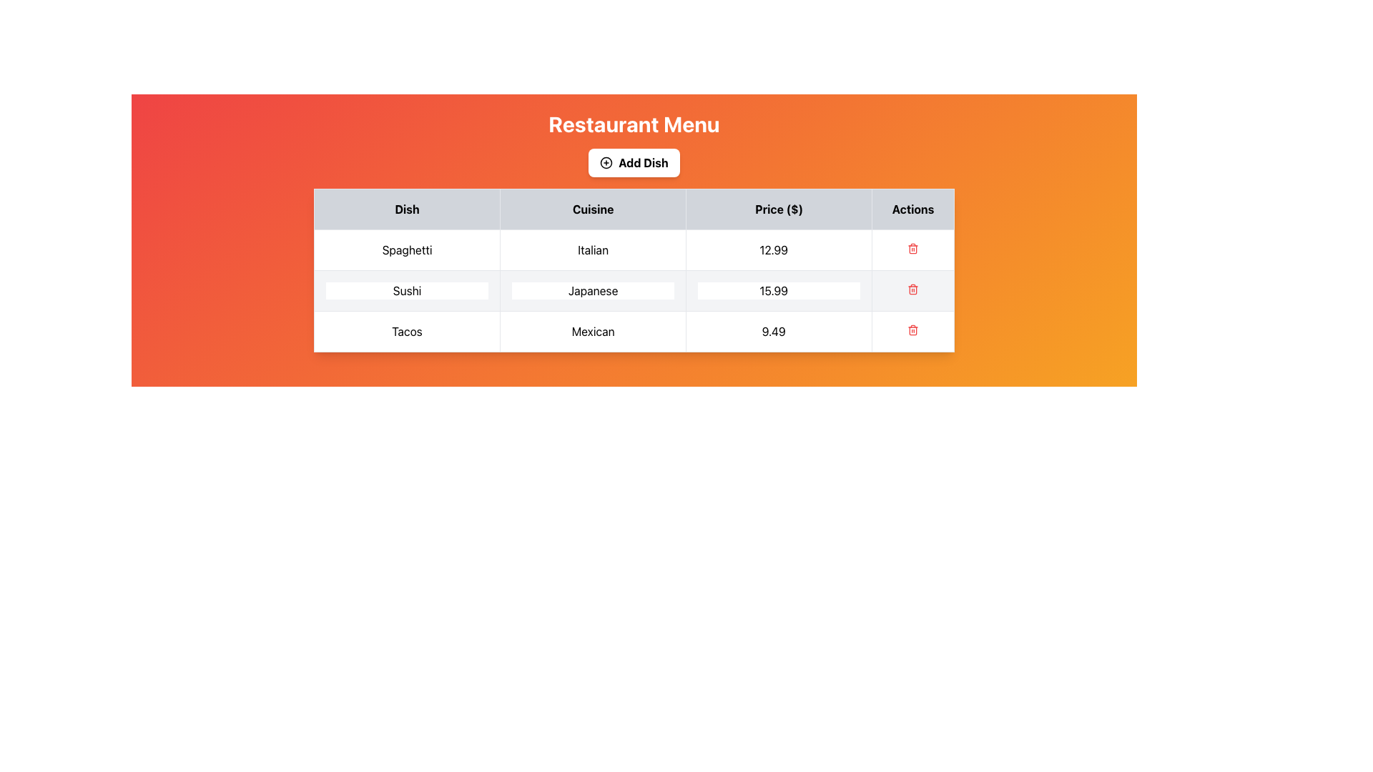  Describe the element at coordinates (634, 162) in the screenshot. I see `the 'Add Dish' button, which has a white background, black text, rounded corners, and a circular plus icon to the left of the text, for visual feedback` at that location.